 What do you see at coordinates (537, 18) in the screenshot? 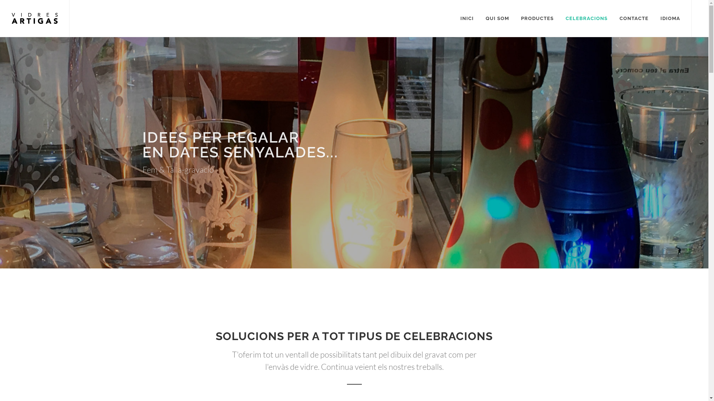
I see `'PRODUCTES'` at bounding box center [537, 18].